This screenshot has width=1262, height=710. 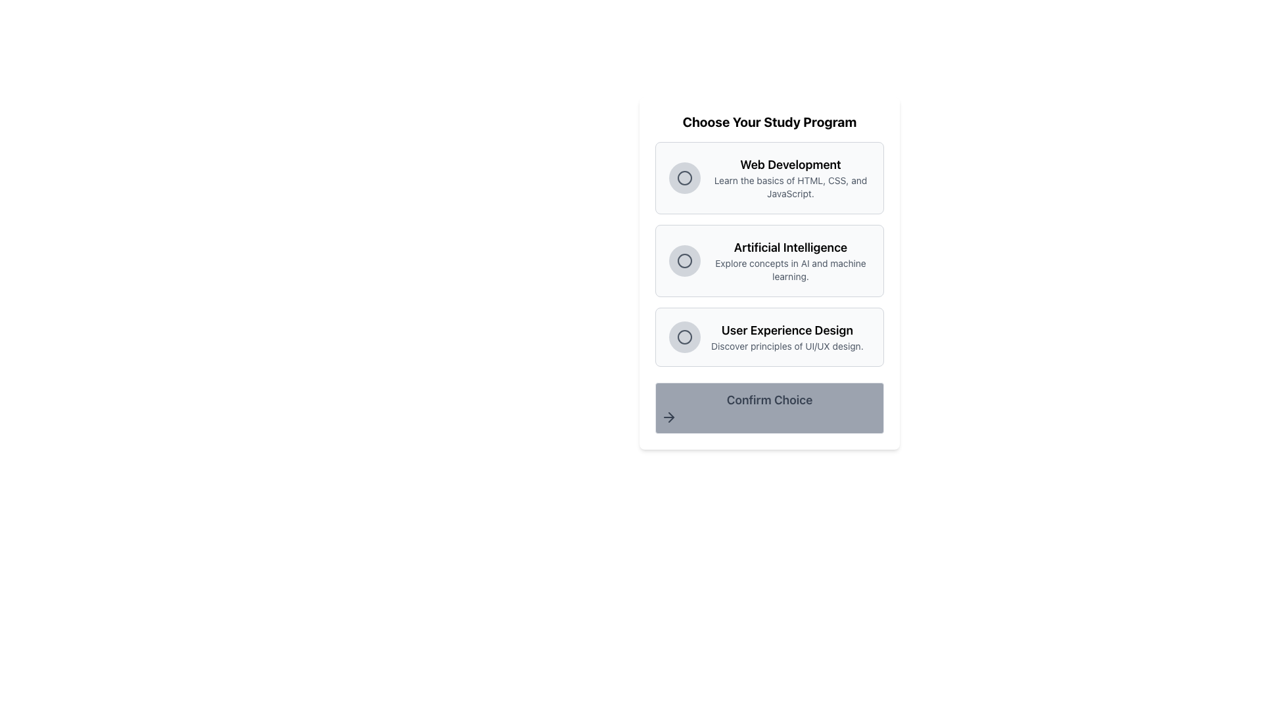 I want to click on text label displaying the title for the 'Artificial Intelligence' study program option, which is located within a selectable card in the 'Choose Your Study Program' list, so click(x=790, y=248).